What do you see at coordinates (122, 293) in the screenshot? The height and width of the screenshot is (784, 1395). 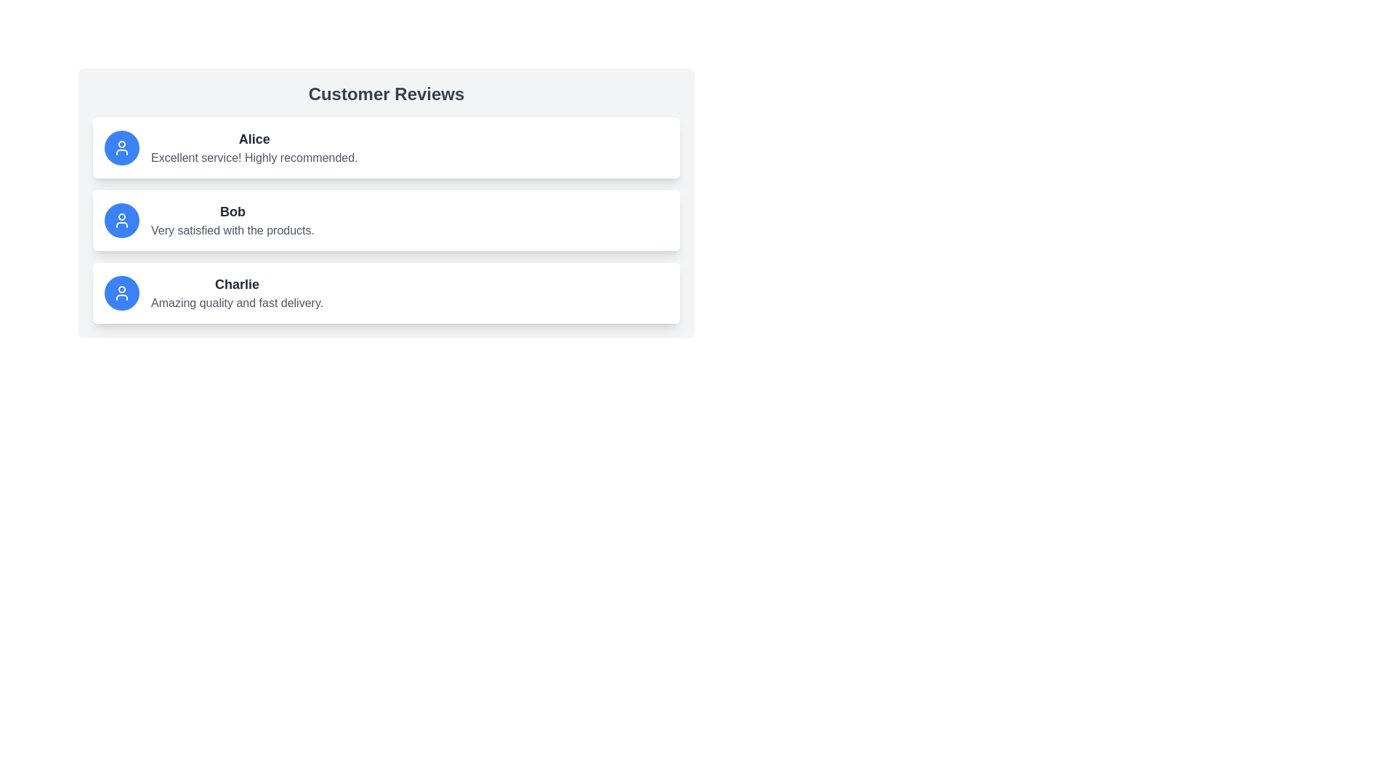 I see `the user icon representing 'Charlie' in the third list item of the 'Customer Reviews' section` at bounding box center [122, 293].